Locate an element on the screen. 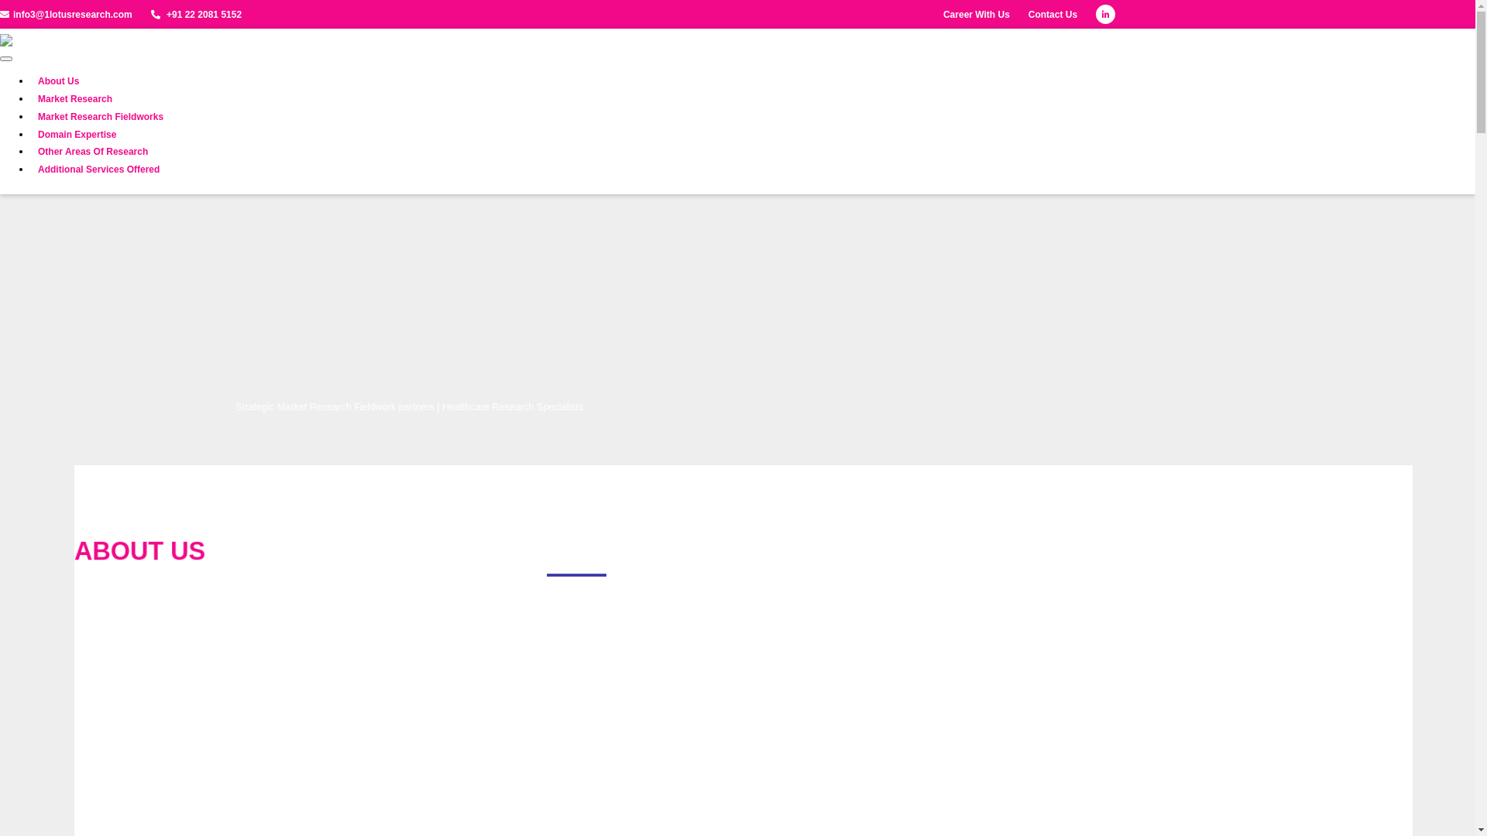  'About Us' is located at coordinates (58, 81).